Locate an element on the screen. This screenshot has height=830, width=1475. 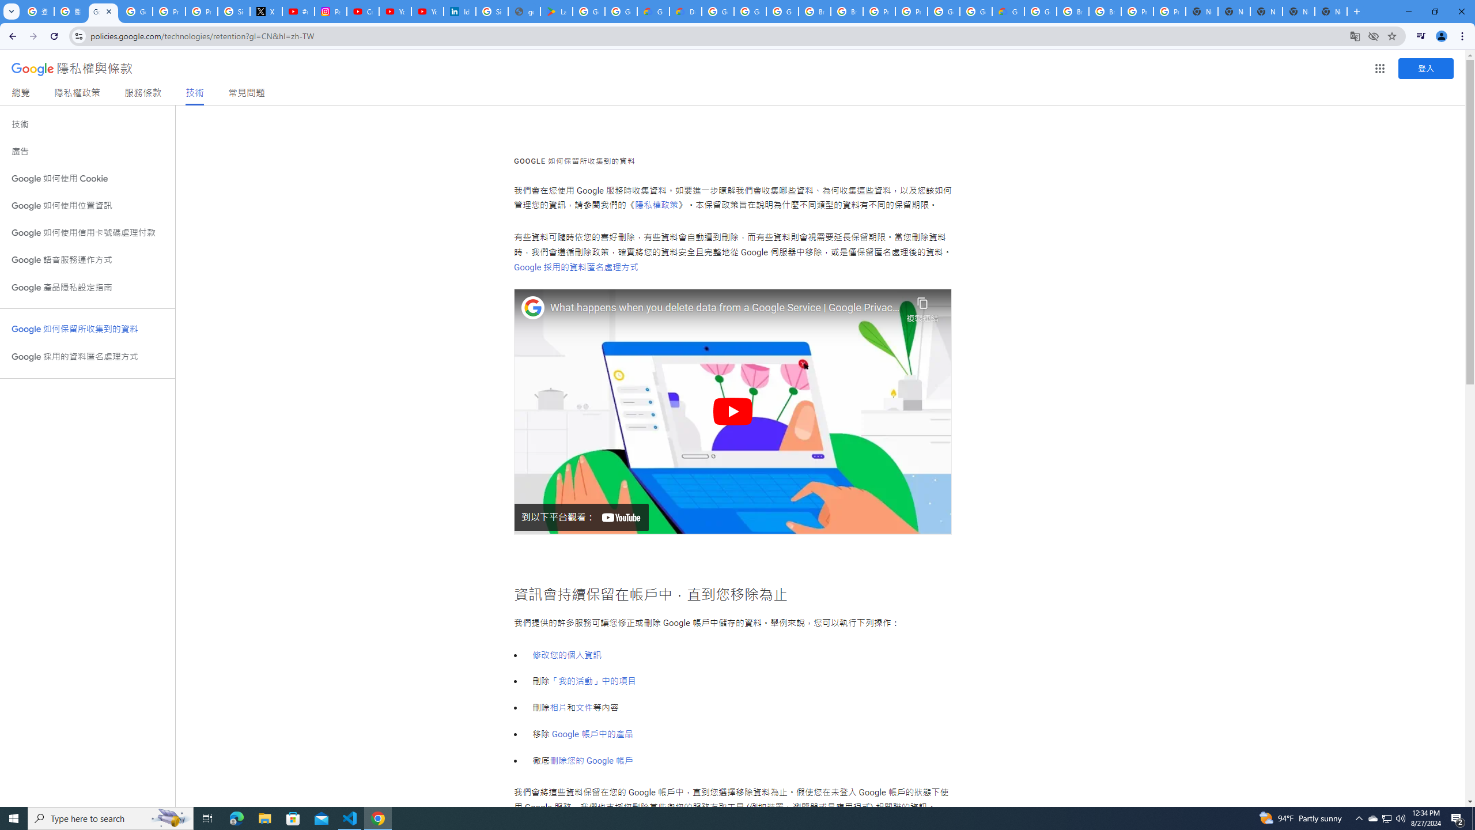
'Browse Chrome as a guest - Computer - Google Chrome Help' is located at coordinates (846, 11).